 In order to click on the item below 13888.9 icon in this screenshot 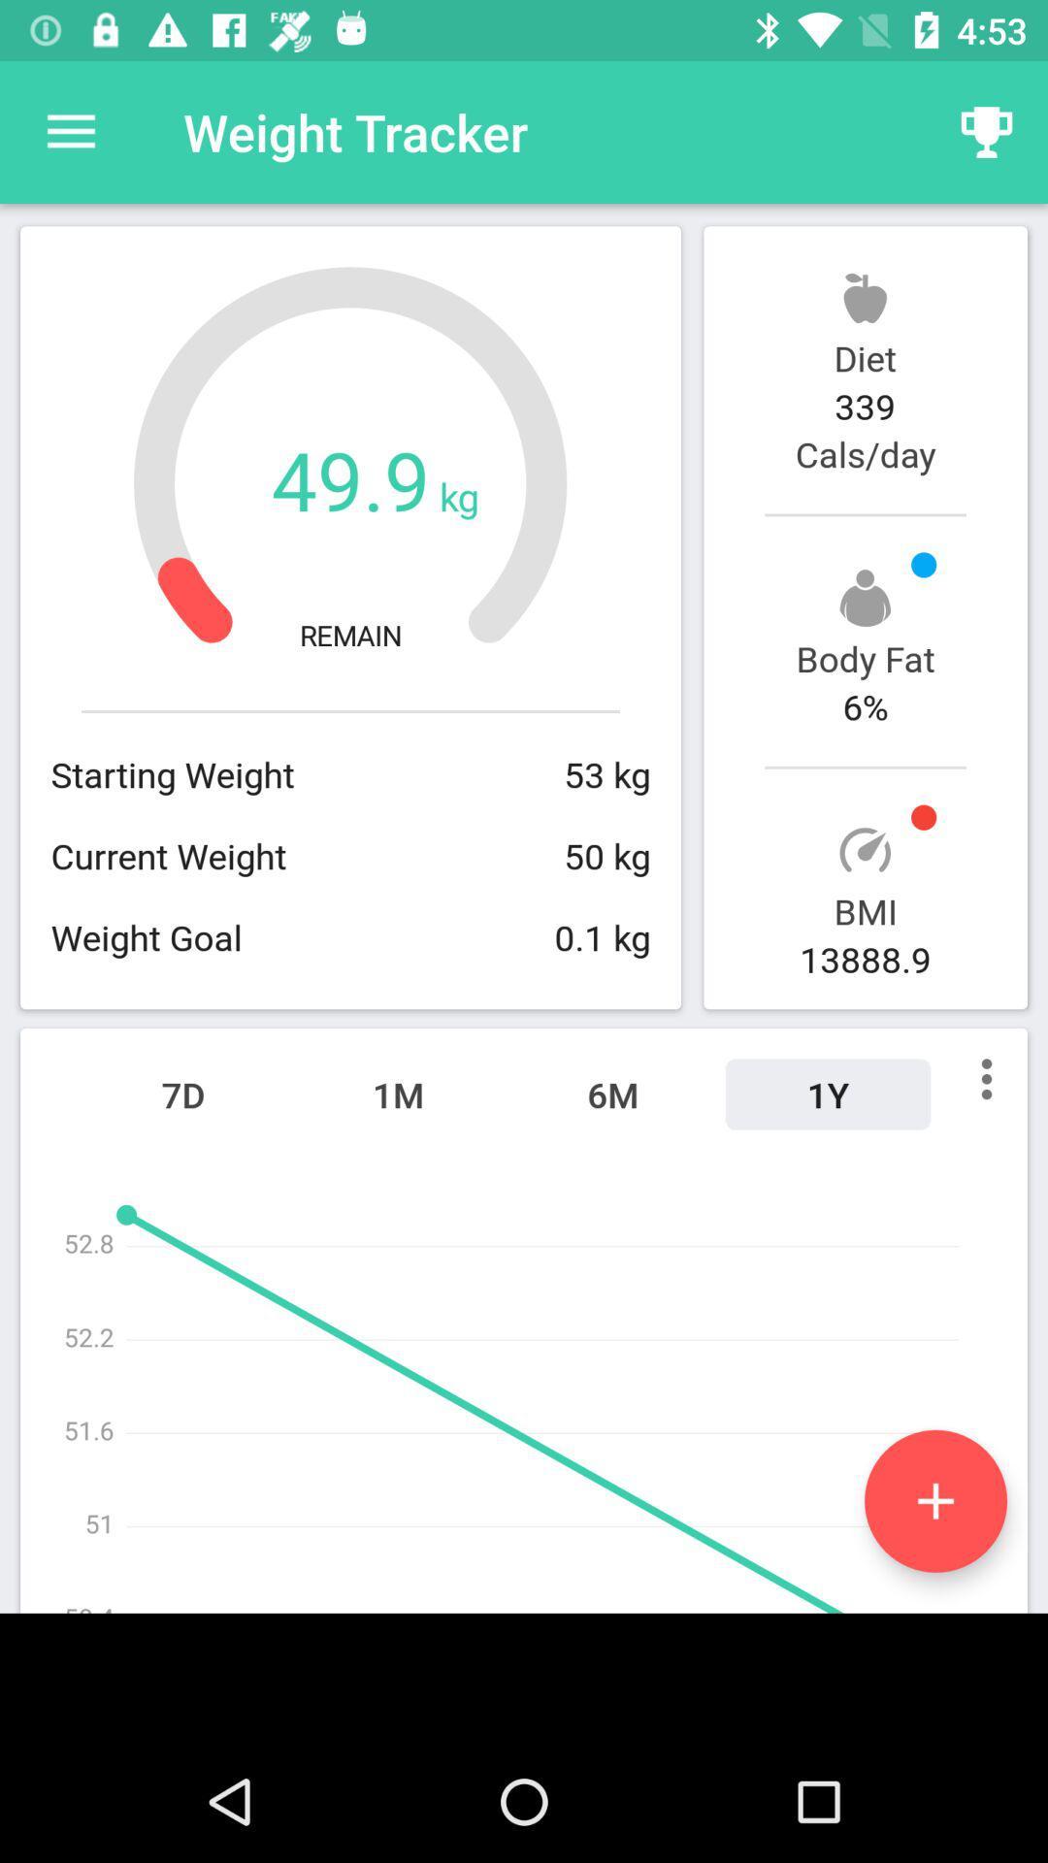, I will do `click(828, 1095)`.